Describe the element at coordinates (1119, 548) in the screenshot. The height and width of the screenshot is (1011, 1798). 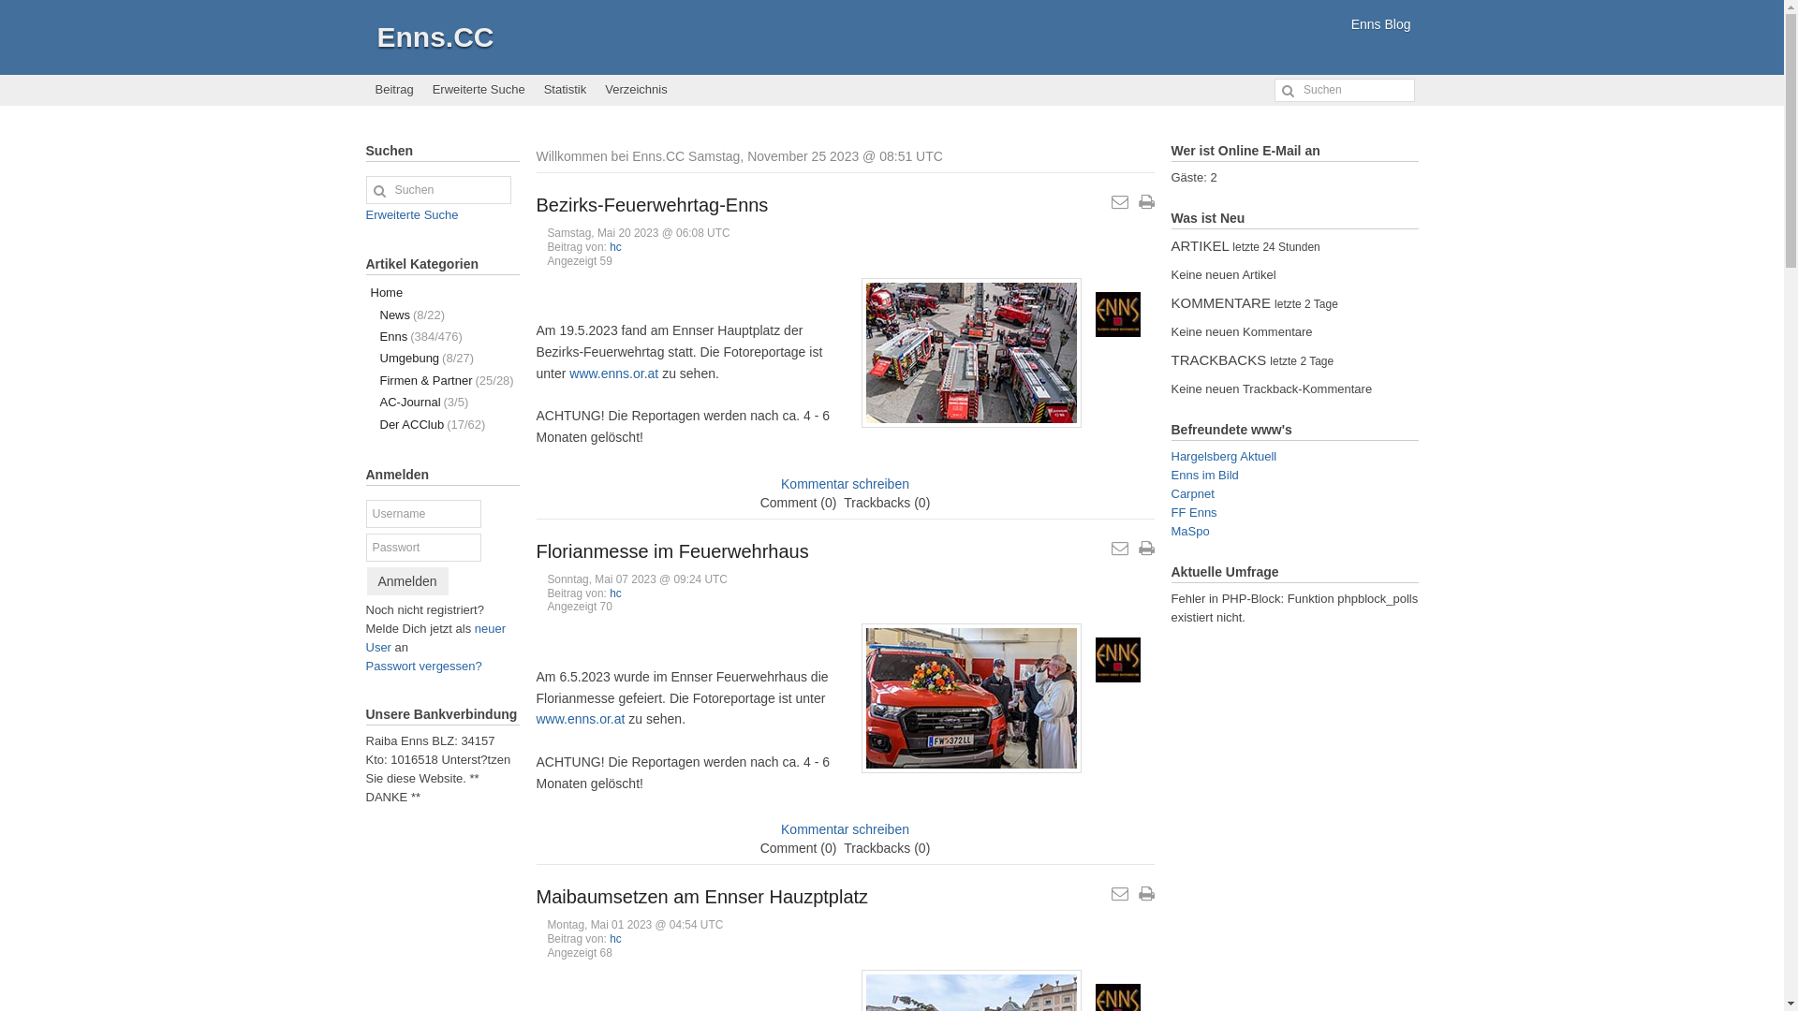
I see `'An einen Freund schicken'` at that location.